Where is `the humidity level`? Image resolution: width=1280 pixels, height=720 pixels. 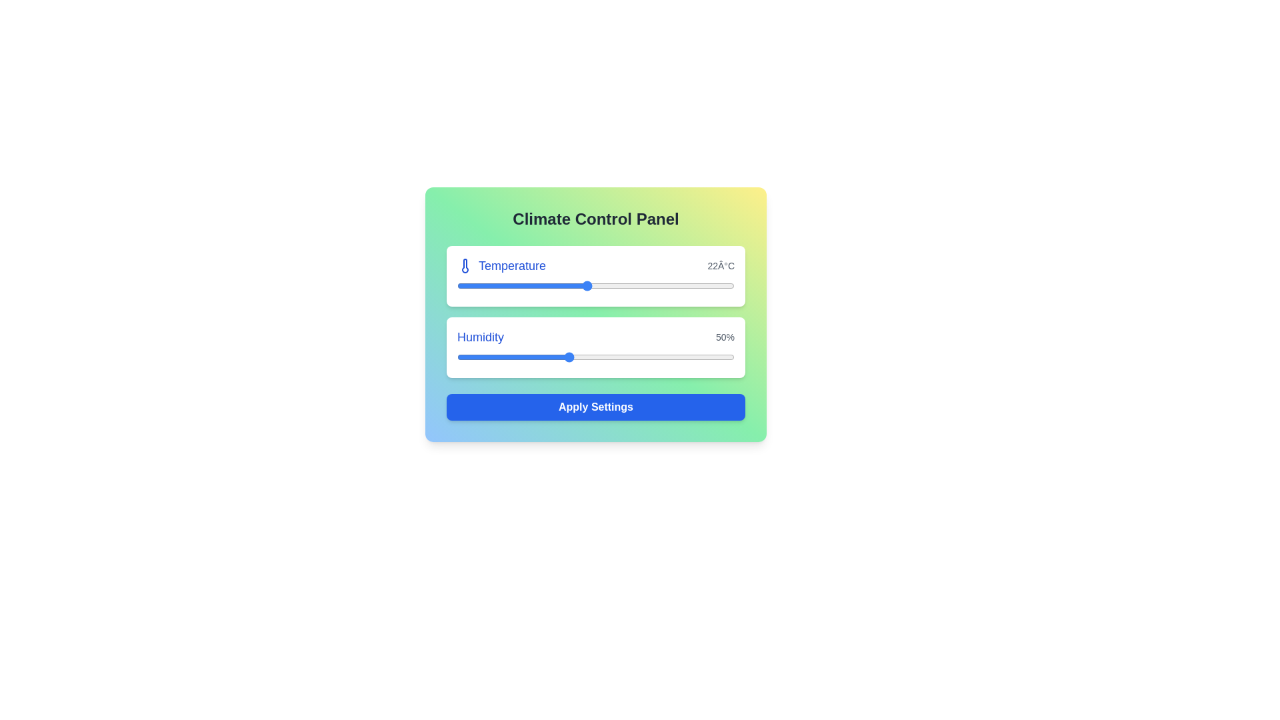
the humidity level is located at coordinates (568, 357).